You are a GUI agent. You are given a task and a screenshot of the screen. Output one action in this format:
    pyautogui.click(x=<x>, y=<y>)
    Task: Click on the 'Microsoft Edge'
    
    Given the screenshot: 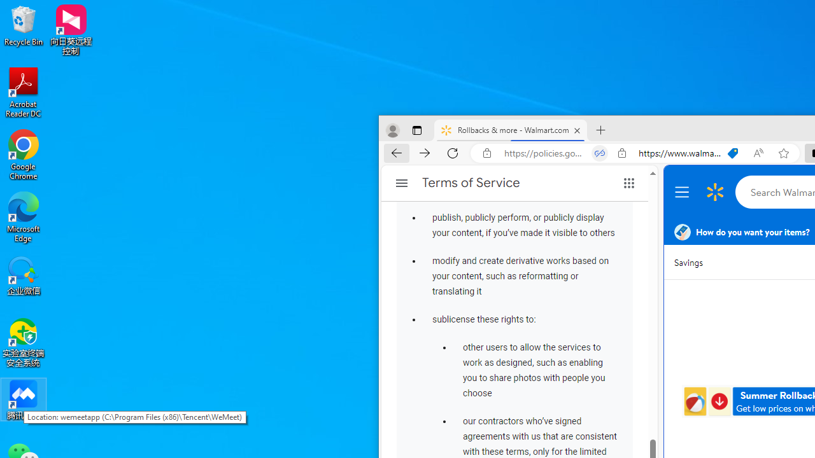 What is the action you would take?
    pyautogui.click(x=24, y=216)
    